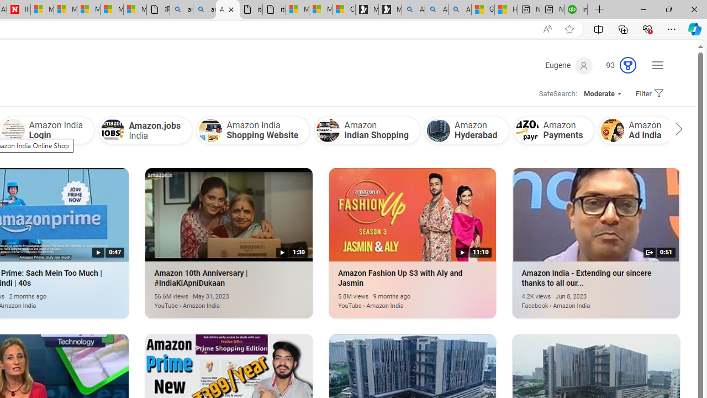 Image resolution: width=707 pixels, height=398 pixels. What do you see at coordinates (602, 93) in the screenshot?
I see `'Moderate'` at bounding box center [602, 93].